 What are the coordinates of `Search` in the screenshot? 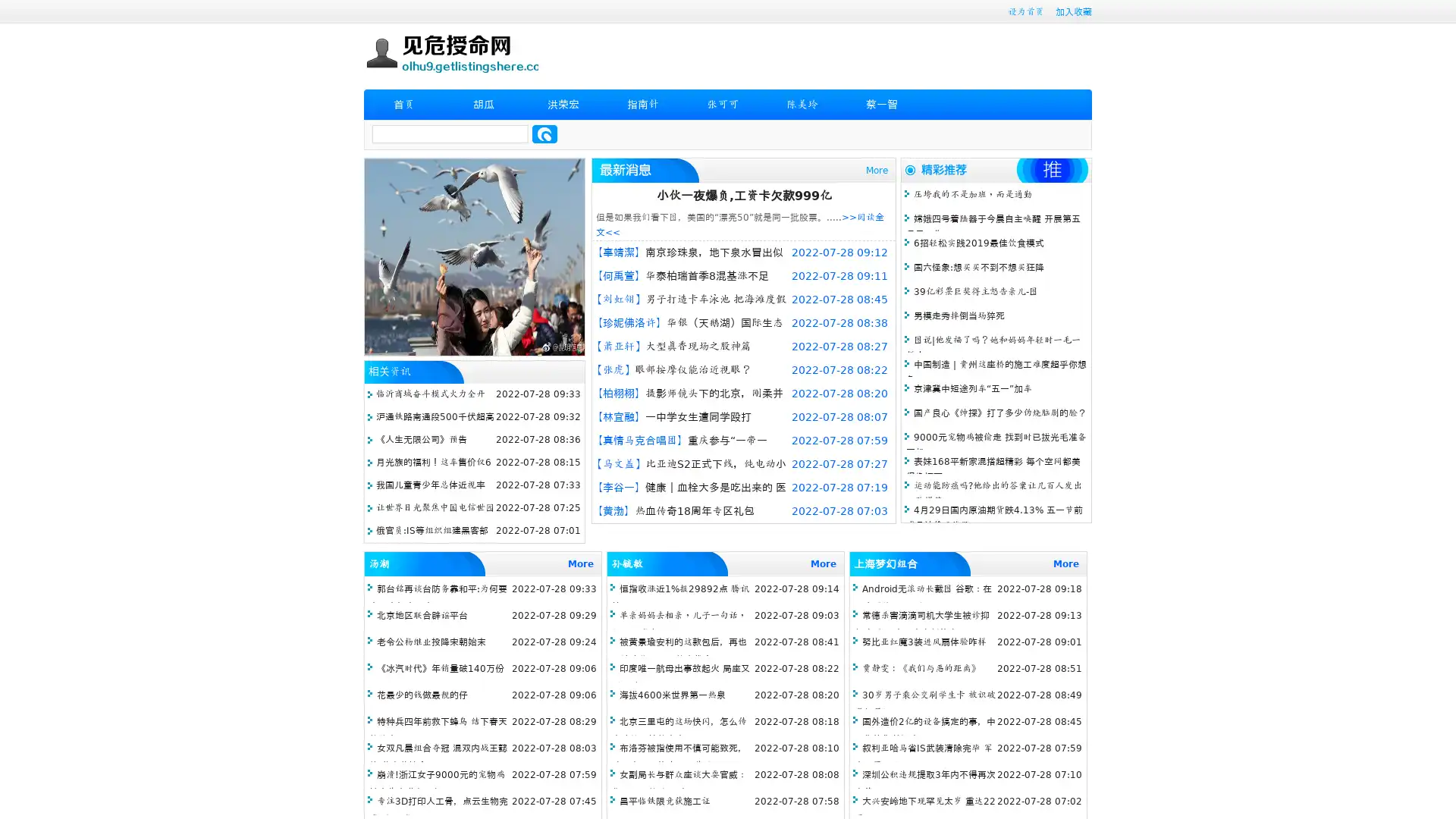 It's located at (544, 133).